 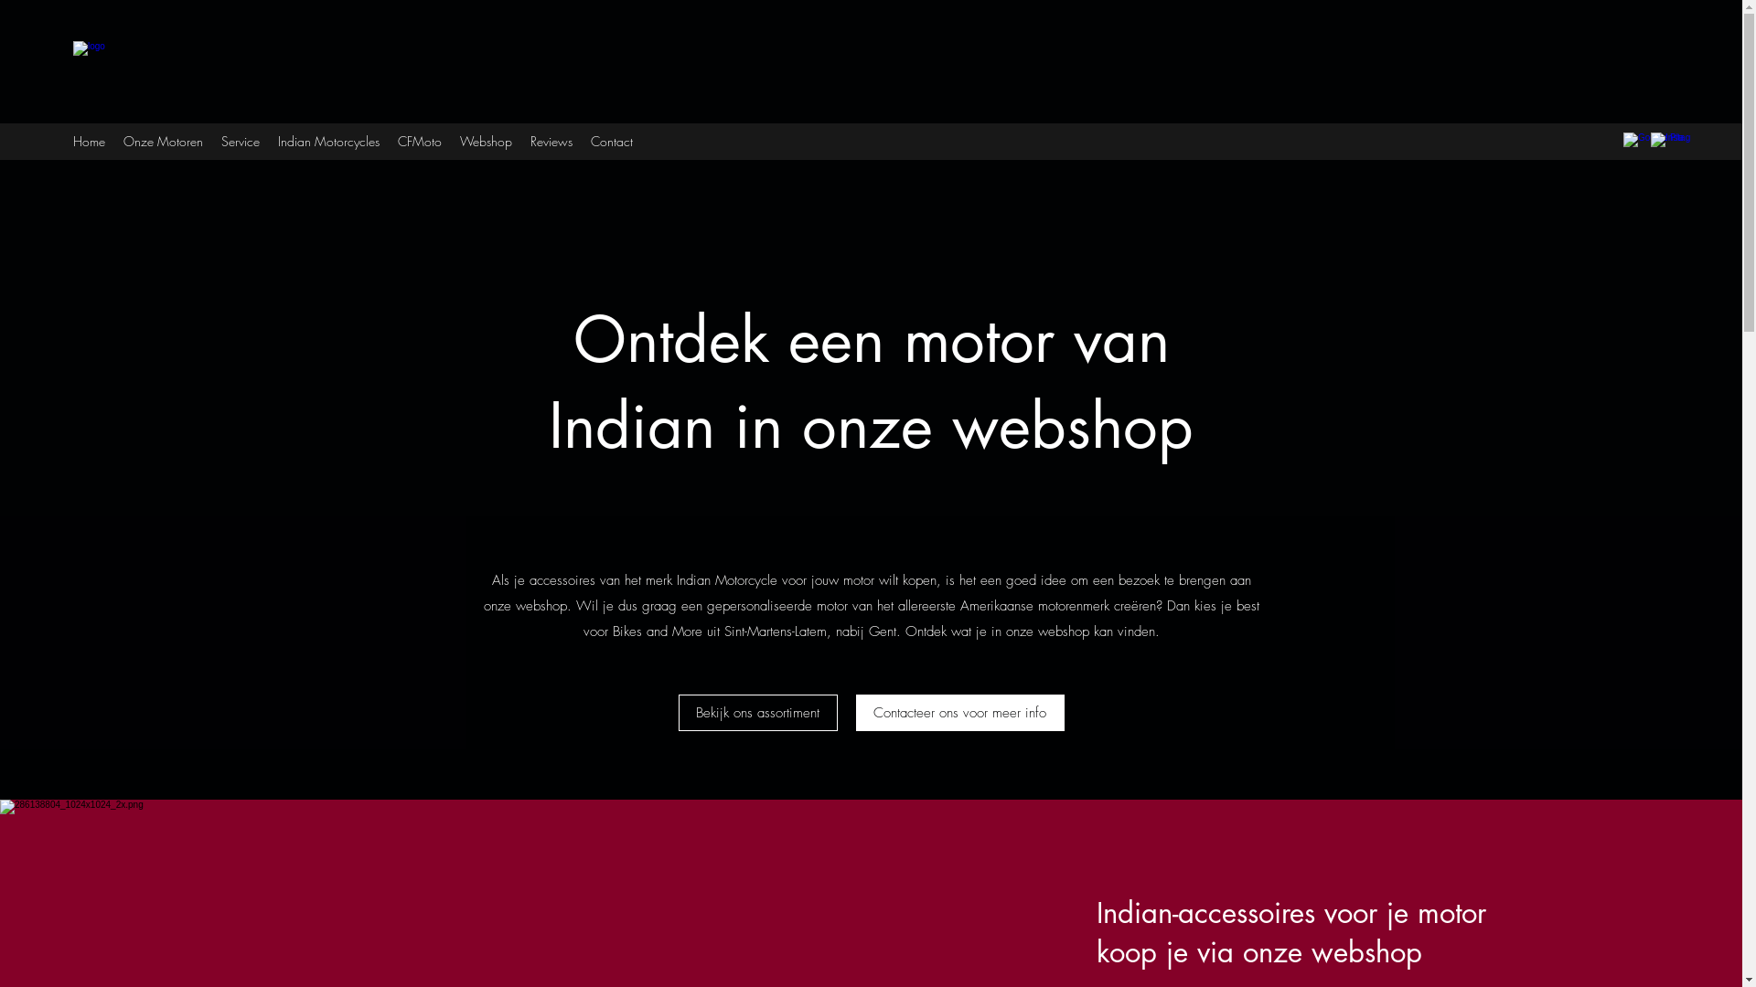 I want to click on 'Reviews', so click(x=551, y=140).